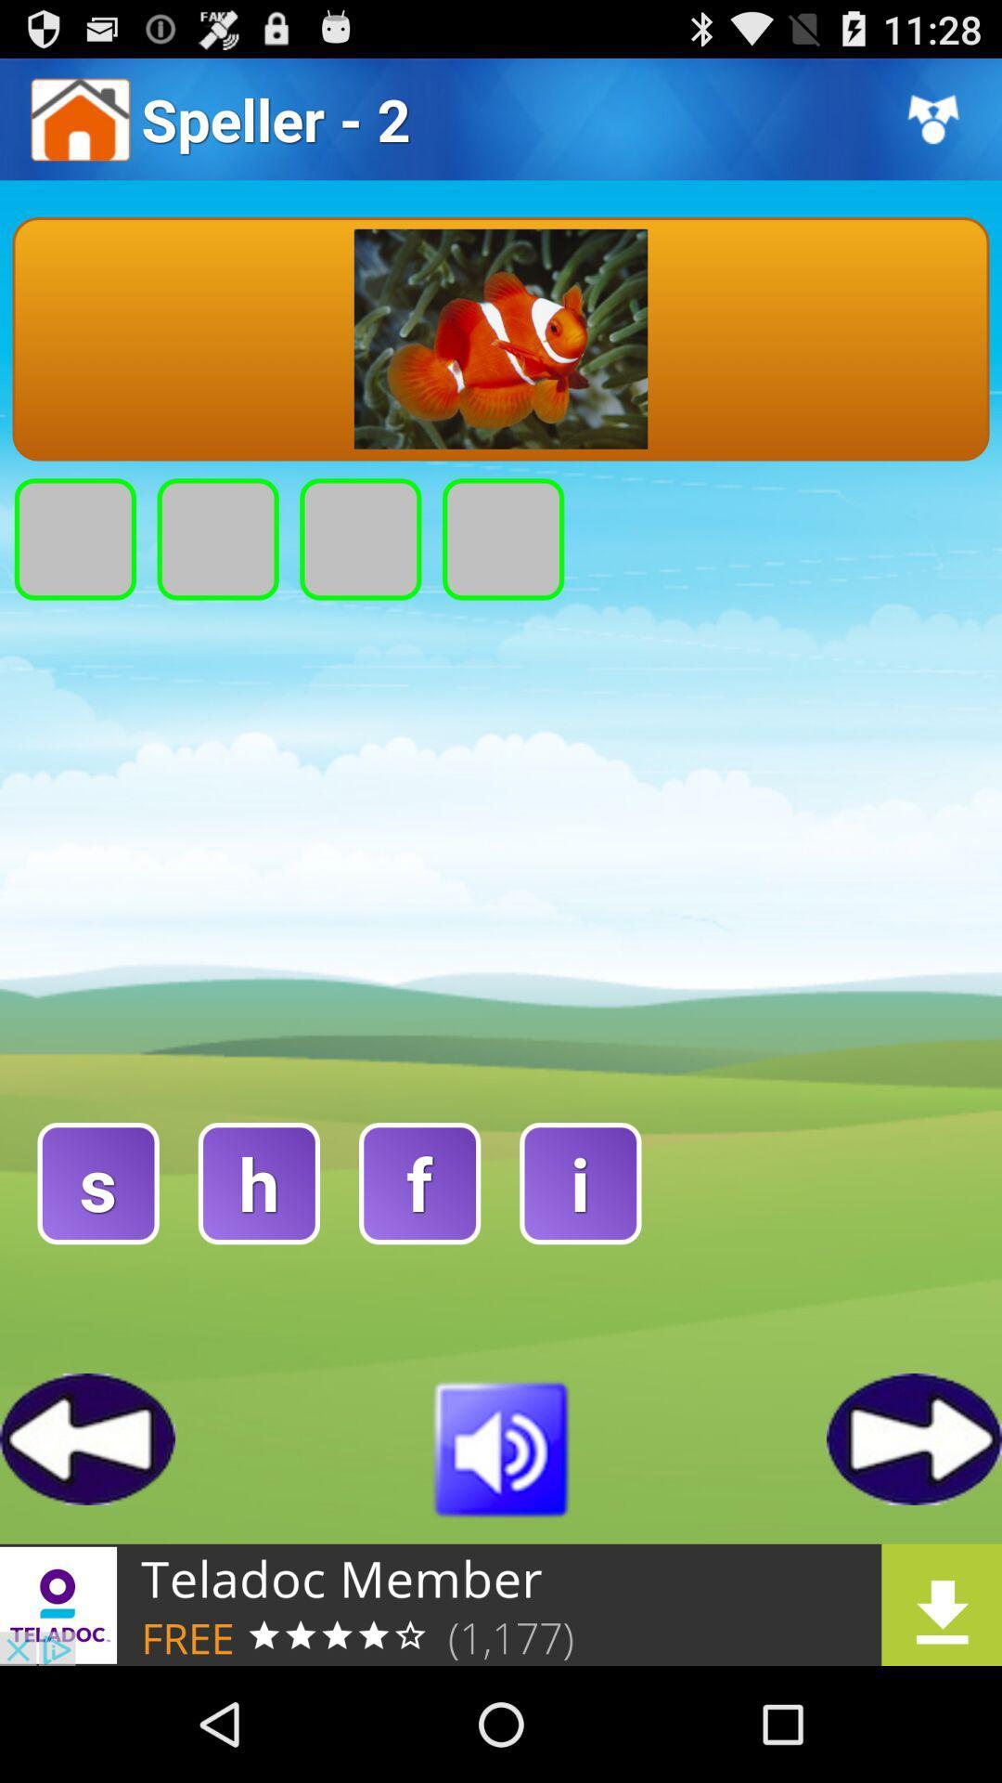 This screenshot has width=1002, height=1783. Describe the element at coordinates (501, 1548) in the screenshot. I see `the volume icon` at that location.